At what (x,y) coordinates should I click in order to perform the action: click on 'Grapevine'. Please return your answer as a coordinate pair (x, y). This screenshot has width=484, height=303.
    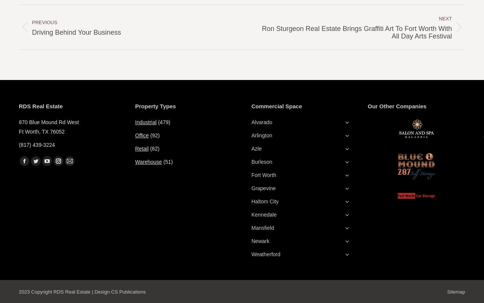
    Looking at the image, I should click on (251, 188).